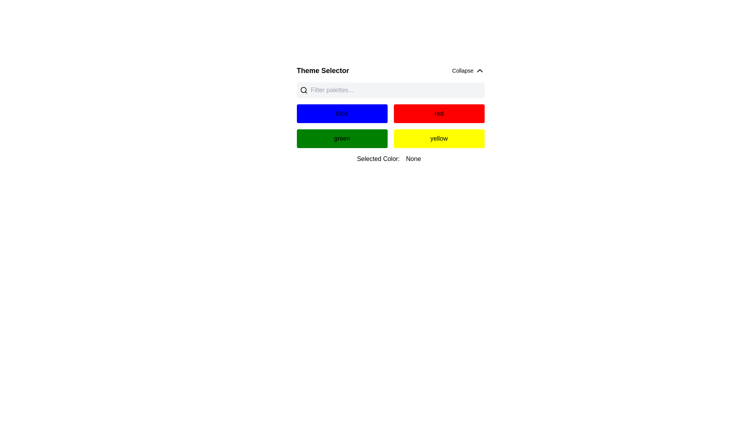  Describe the element at coordinates (303, 89) in the screenshot. I see `the circular black ring icon with a white central background, which is part of the magnifying glass icon, located to the left of the 'Filter palettes...' text input field` at that location.